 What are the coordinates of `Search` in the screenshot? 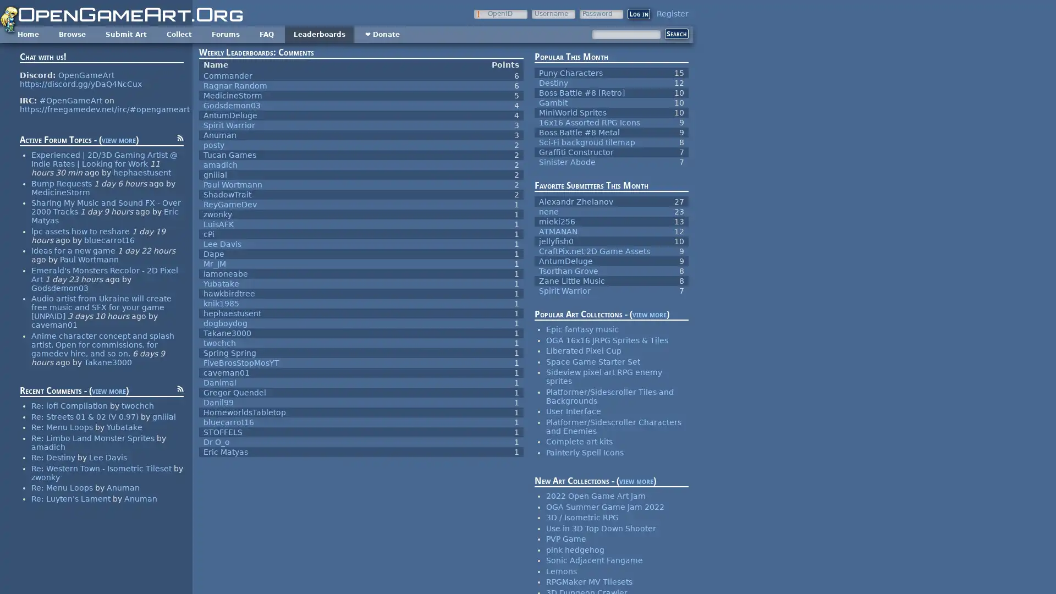 It's located at (676, 33).